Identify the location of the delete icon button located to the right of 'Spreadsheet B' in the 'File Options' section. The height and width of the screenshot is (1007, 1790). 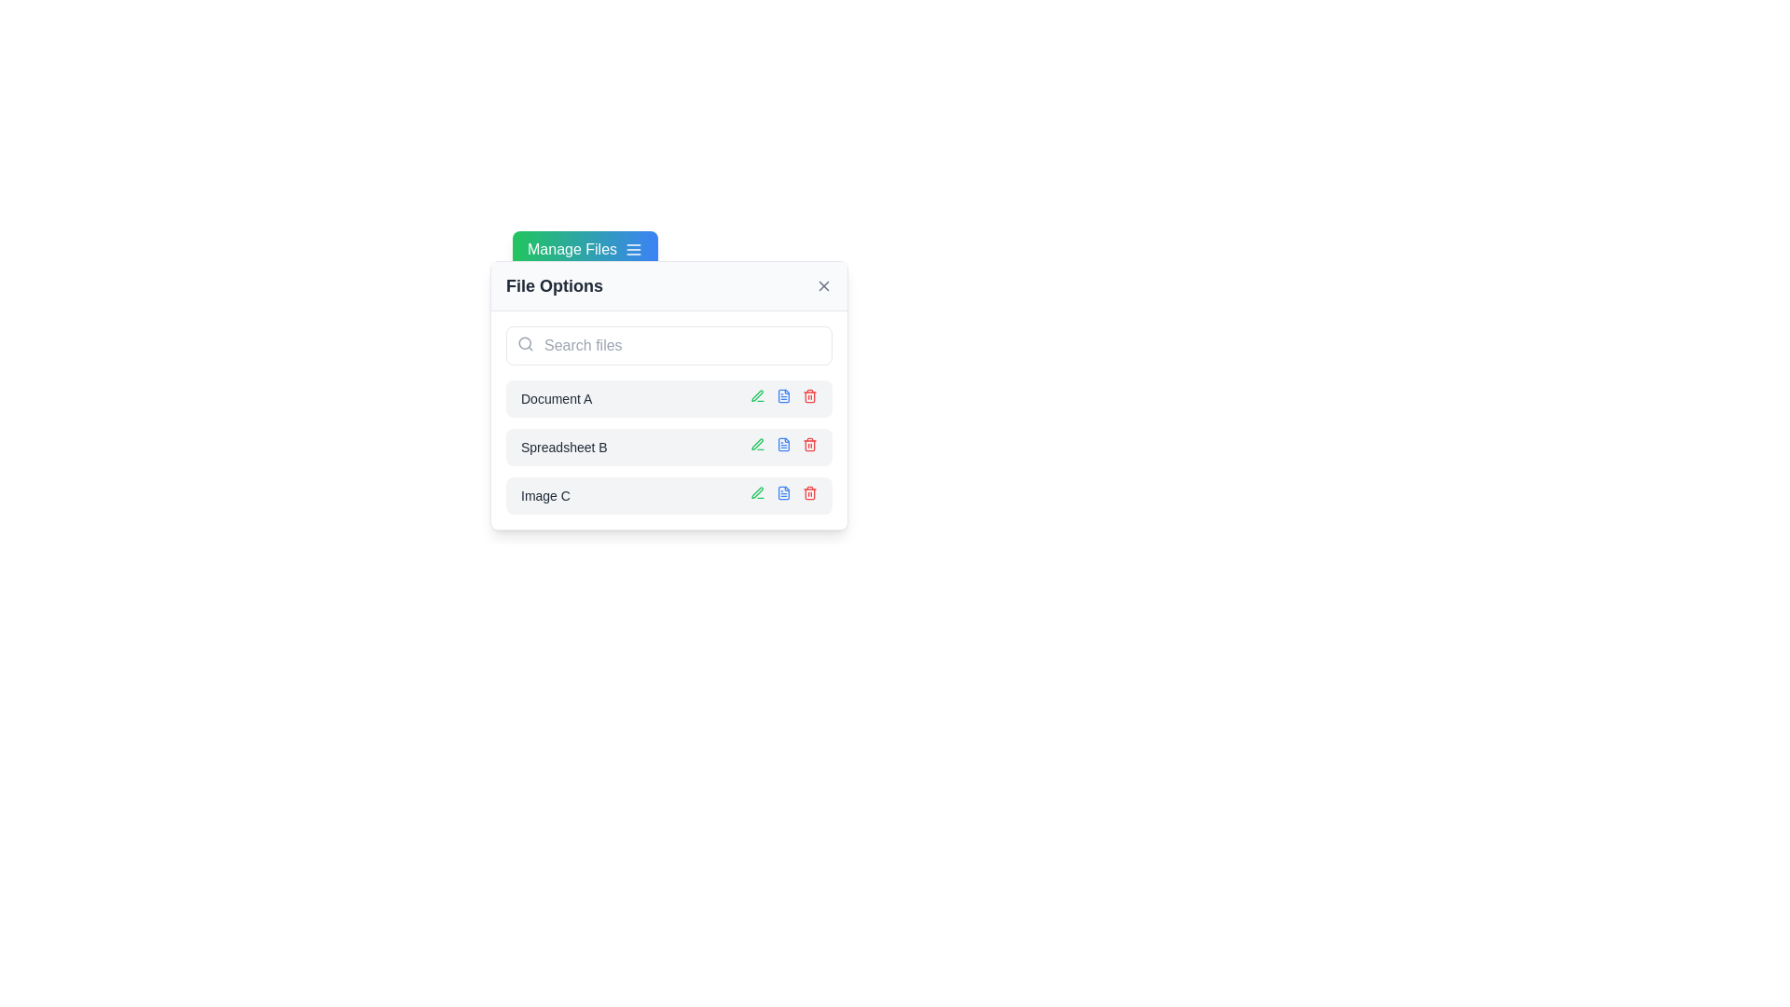
(809, 445).